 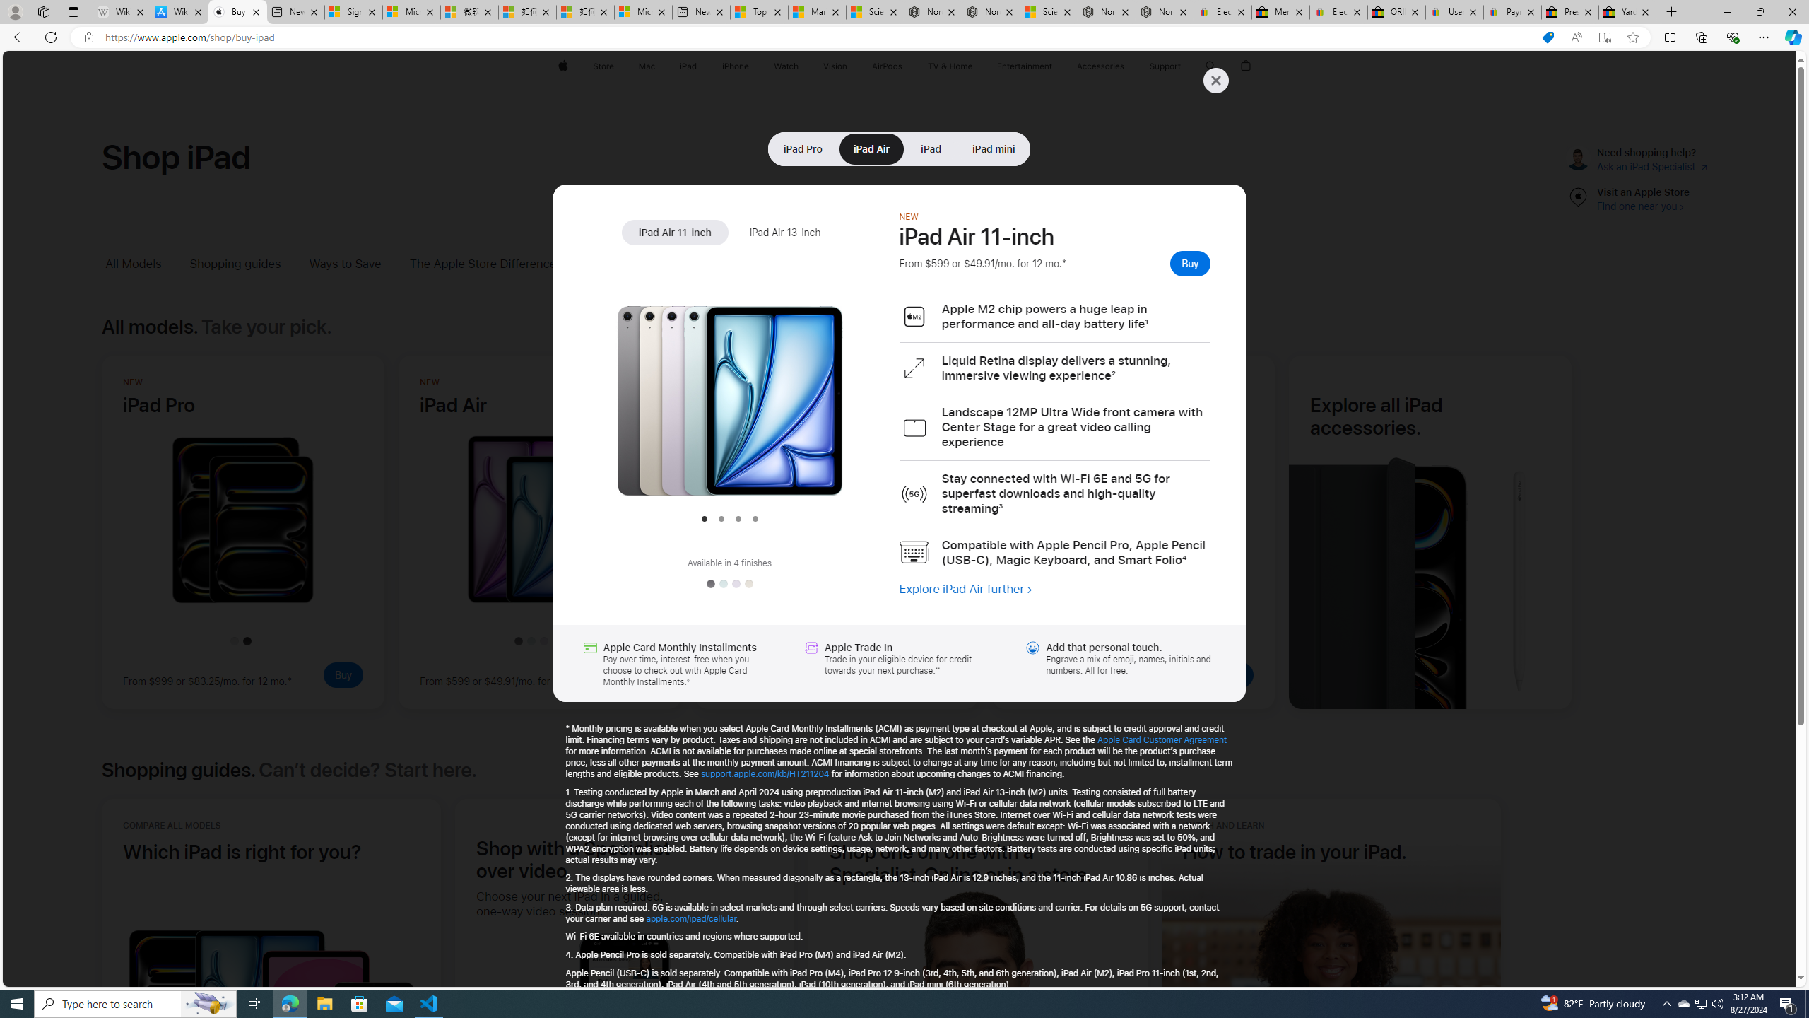 I want to click on 'Microsoft account | Account Checkup', so click(x=642, y=11).